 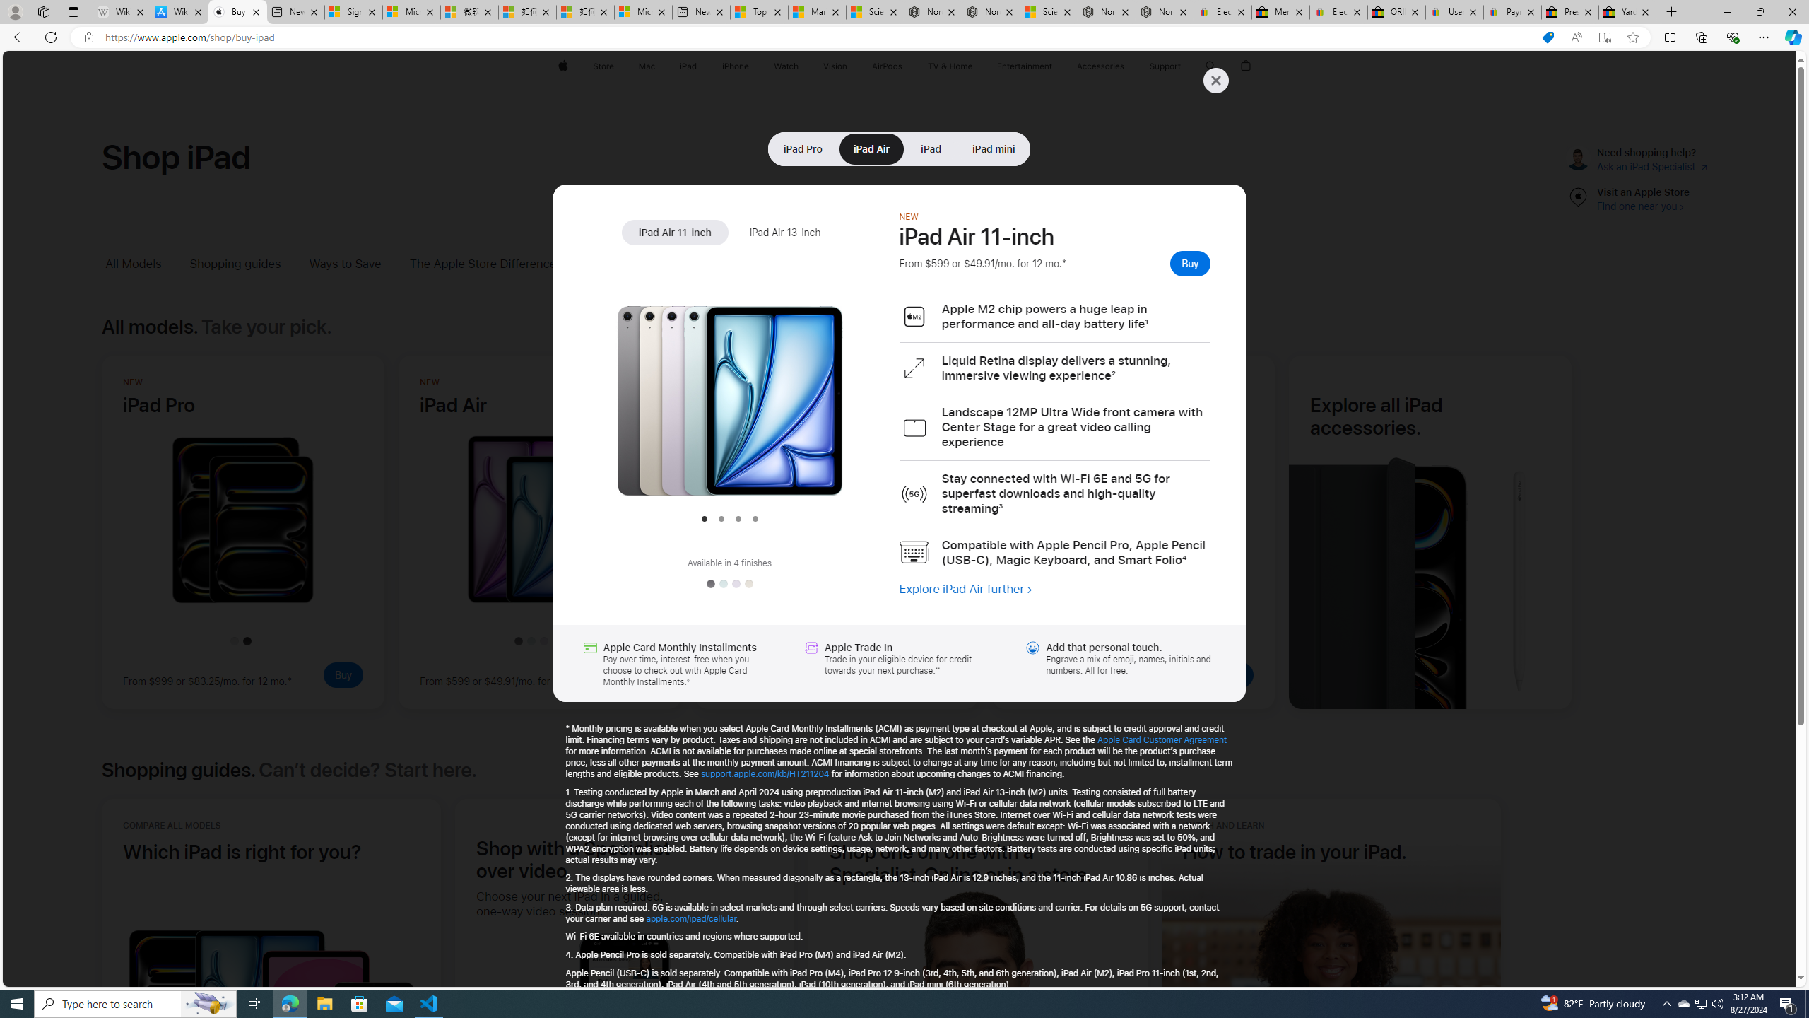 I want to click on 'Microsoft account | Account Checkup', so click(x=642, y=11).